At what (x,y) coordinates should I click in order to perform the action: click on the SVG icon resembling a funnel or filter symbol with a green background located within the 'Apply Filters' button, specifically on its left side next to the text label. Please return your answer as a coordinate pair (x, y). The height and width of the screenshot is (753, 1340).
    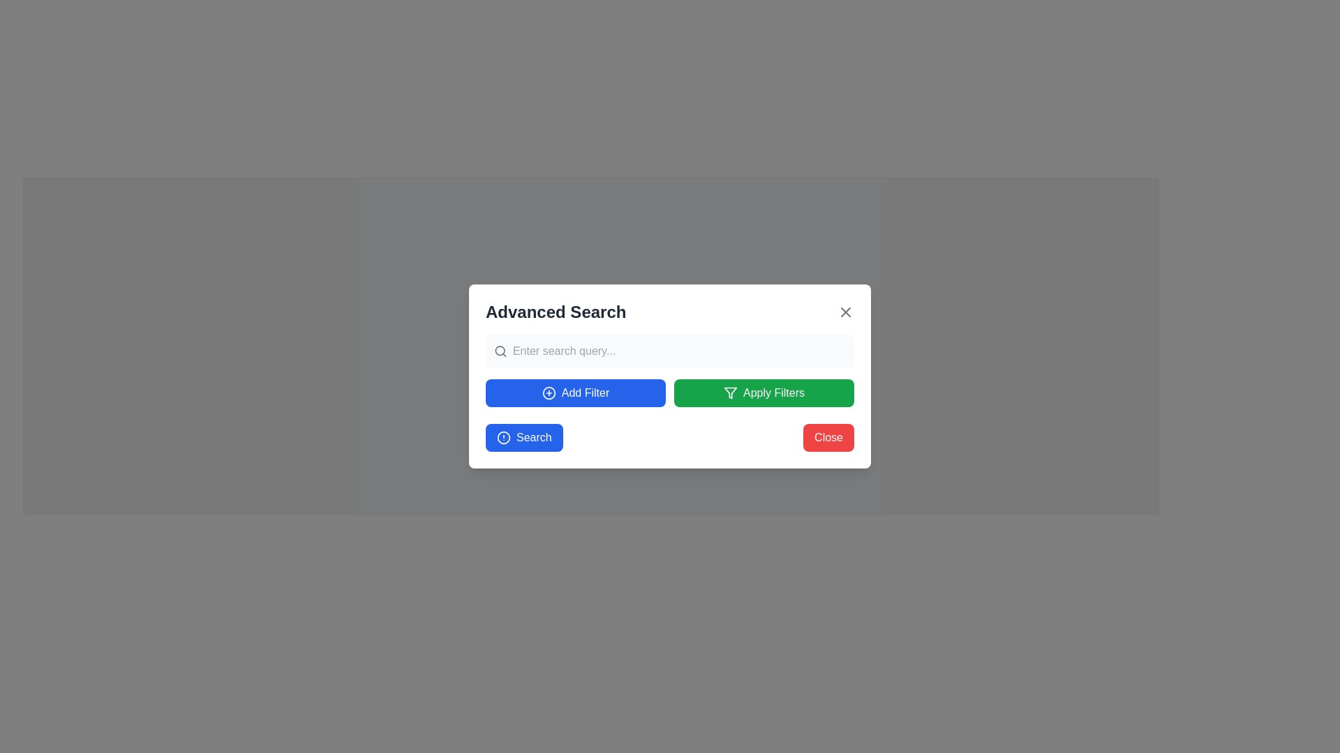
    Looking at the image, I should click on (729, 393).